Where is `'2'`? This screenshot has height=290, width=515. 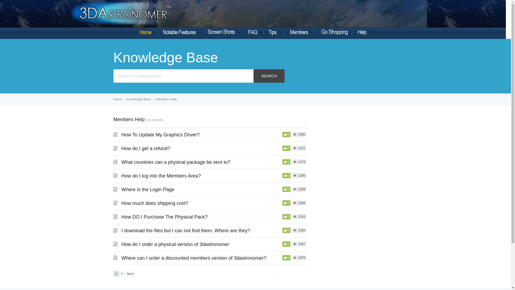 '2' is located at coordinates (122, 274).